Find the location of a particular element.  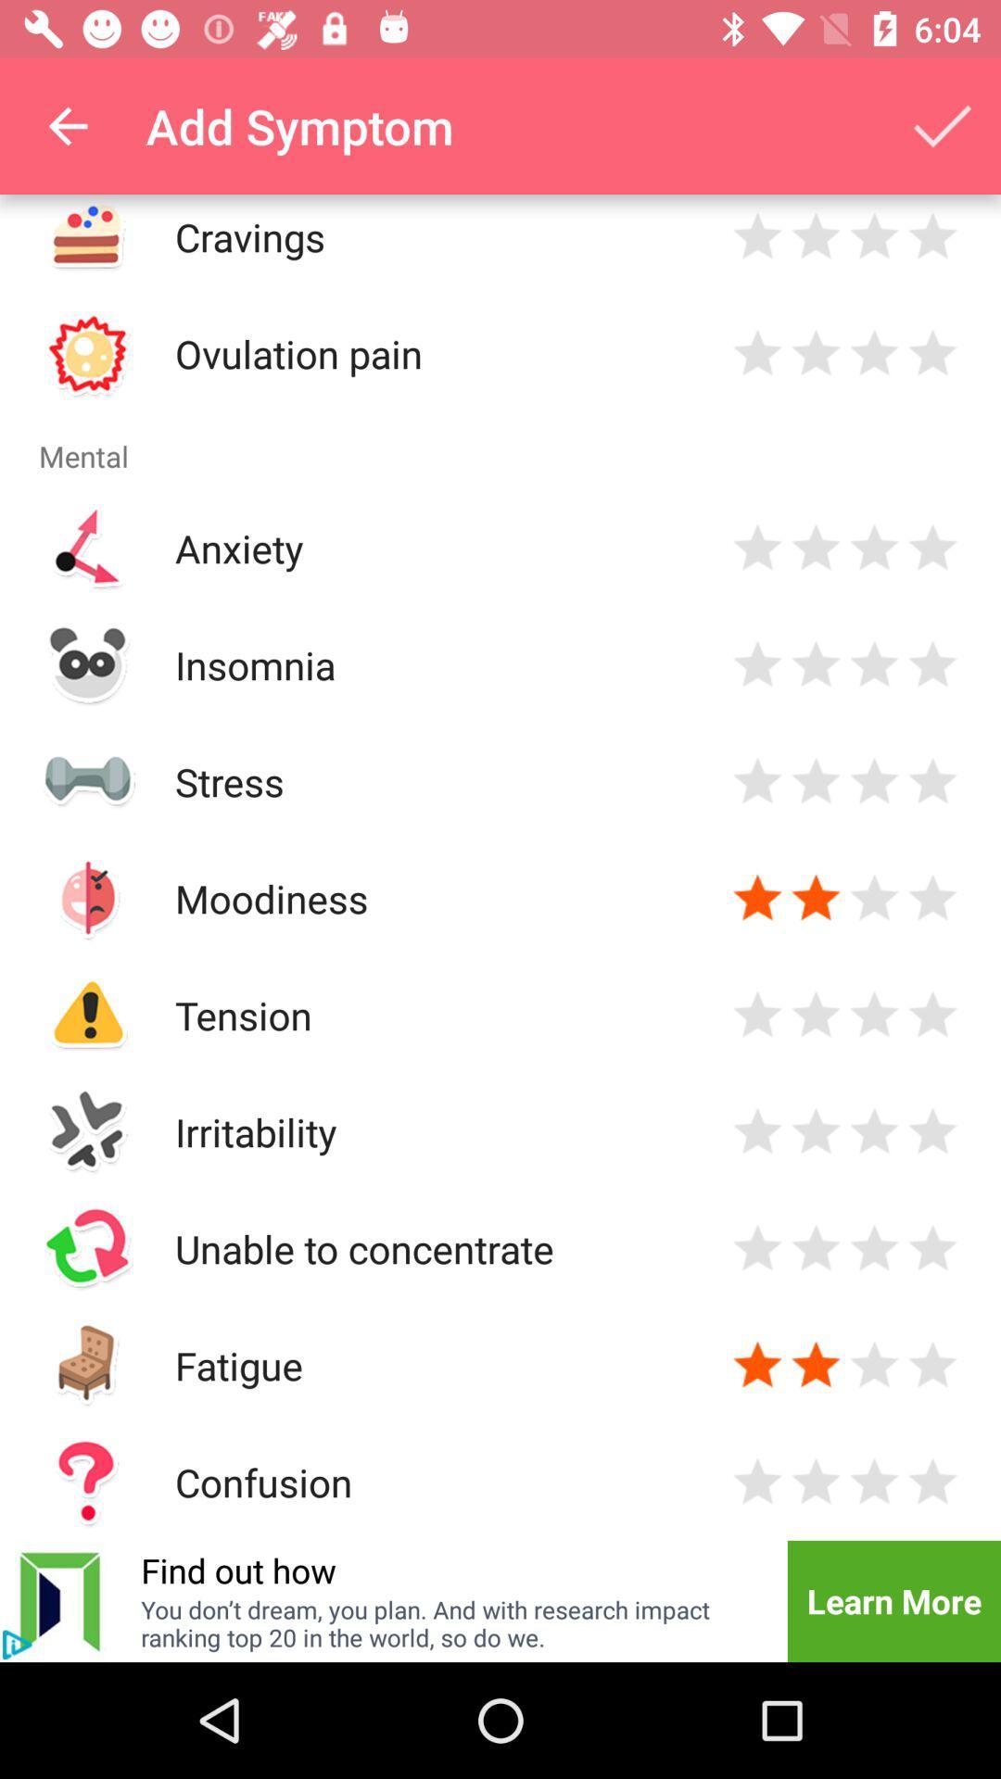

leave 2 star review is located at coordinates (815, 353).